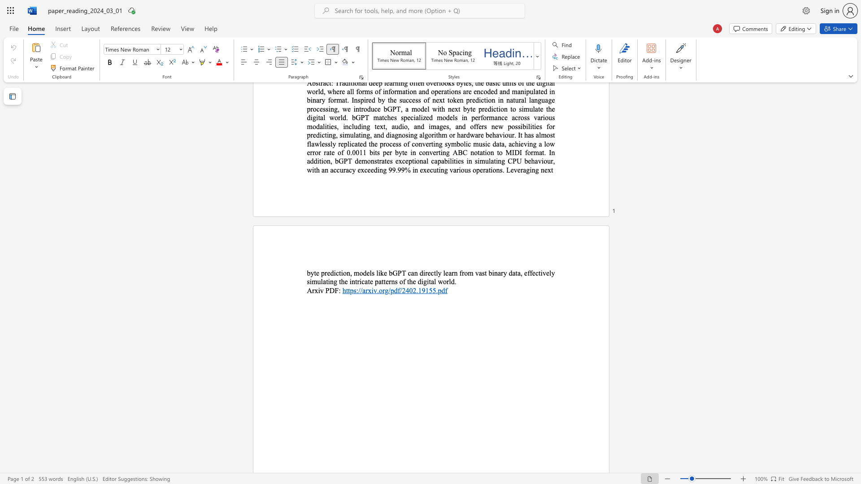  I want to click on the subset text "ps://arxiv.org/pdf/2402.19" within the text "https://arxiv.org/pdf/2402.19155.pdf", so click(349, 290).